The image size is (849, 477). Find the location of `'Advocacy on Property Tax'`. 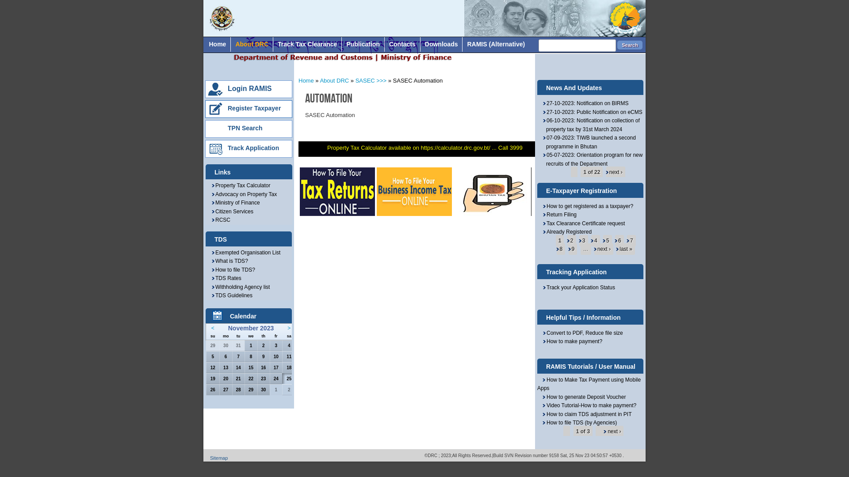

'Advocacy on Property Tax' is located at coordinates (244, 193).